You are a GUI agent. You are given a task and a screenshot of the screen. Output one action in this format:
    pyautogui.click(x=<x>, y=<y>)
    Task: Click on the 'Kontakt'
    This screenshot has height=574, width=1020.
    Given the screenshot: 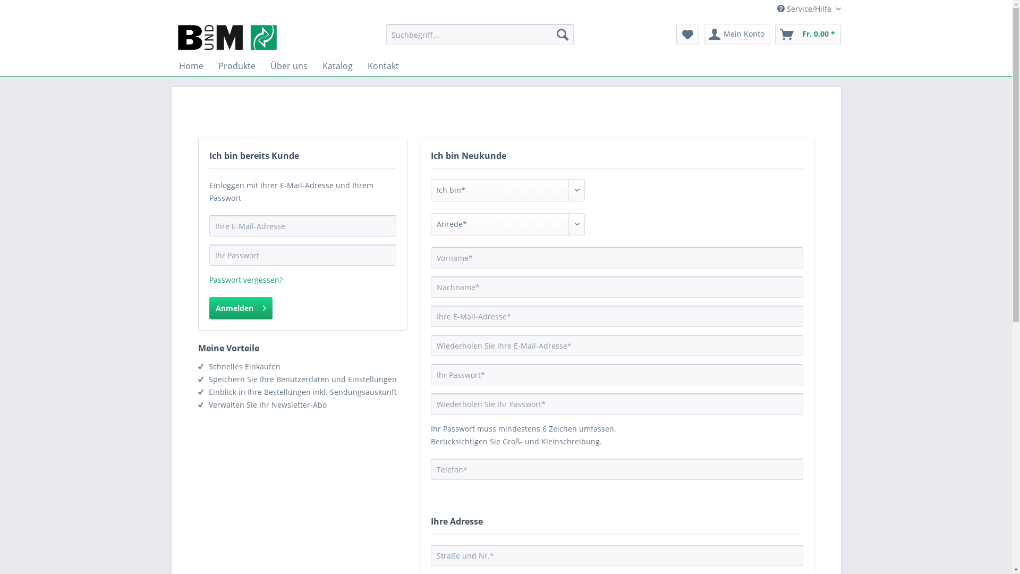 What is the action you would take?
    pyautogui.click(x=382, y=65)
    